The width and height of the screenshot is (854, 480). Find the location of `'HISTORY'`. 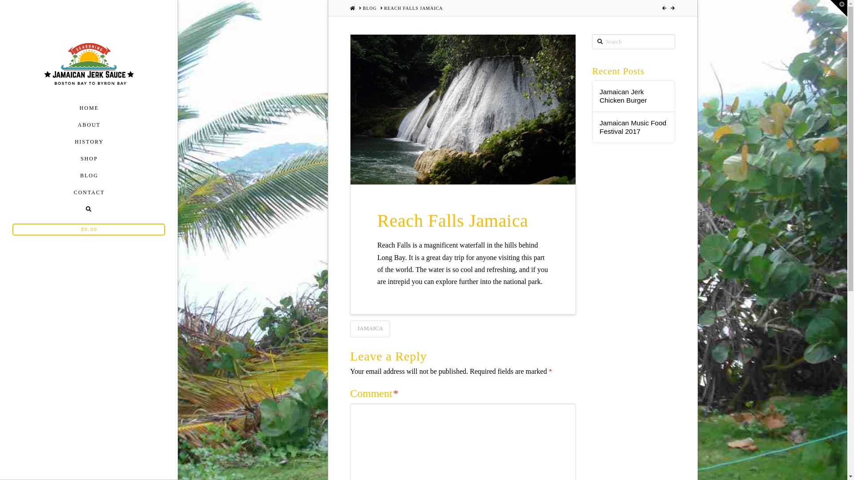

'HISTORY' is located at coordinates (89, 141).